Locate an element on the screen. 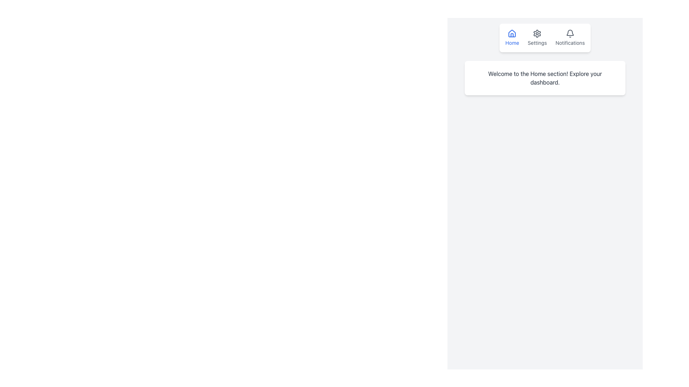 Image resolution: width=689 pixels, height=387 pixels. the notification icon represented by the SVG element located at the top-right section of the interface, adjacent to the Home and Settings icons is located at coordinates (570, 33).